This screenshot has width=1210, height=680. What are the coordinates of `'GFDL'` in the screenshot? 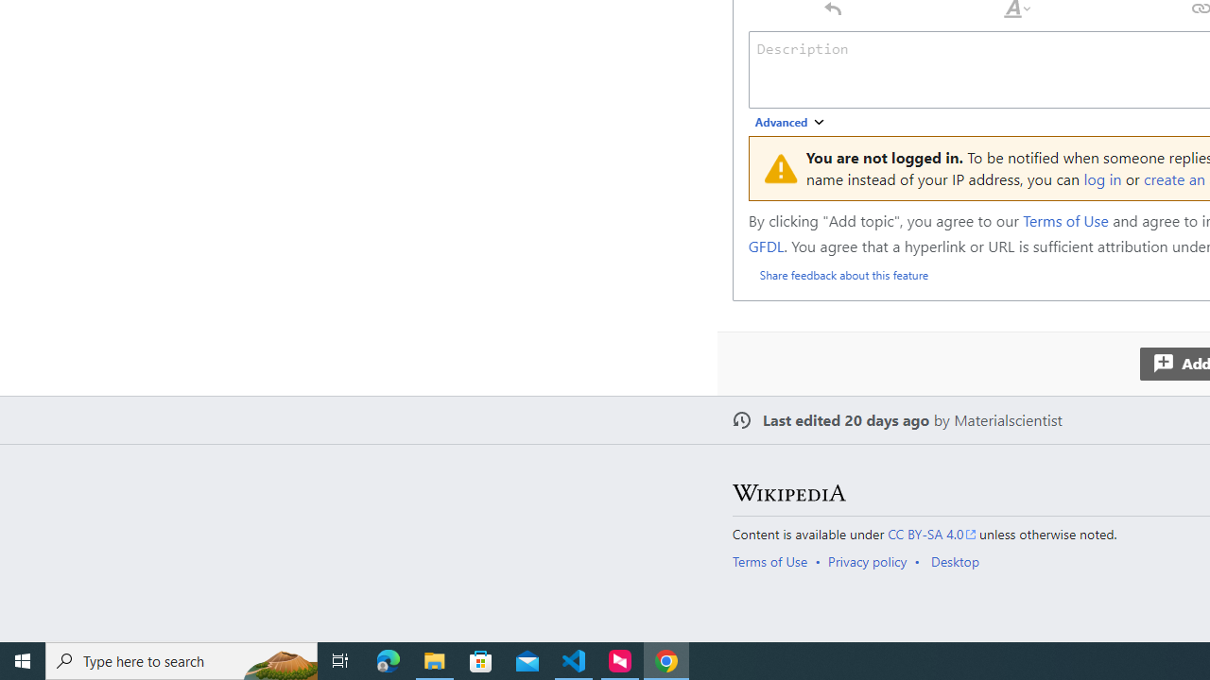 It's located at (766, 244).